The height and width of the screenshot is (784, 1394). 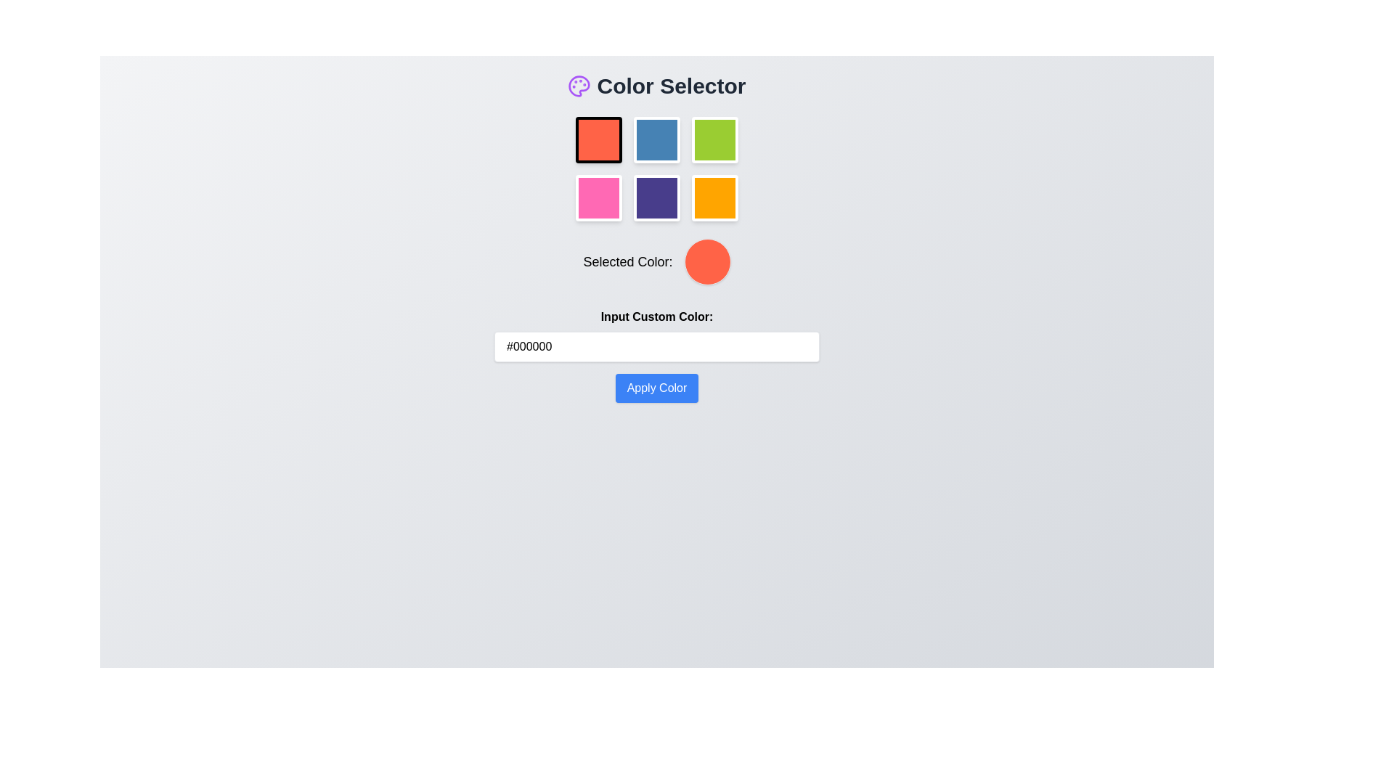 What do you see at coordinates (714, 139) in the screenshot?
I see `the bright green square button with rounded edges and a white border located in the first row and third column of the button grid` at bounding box center [714, 139].